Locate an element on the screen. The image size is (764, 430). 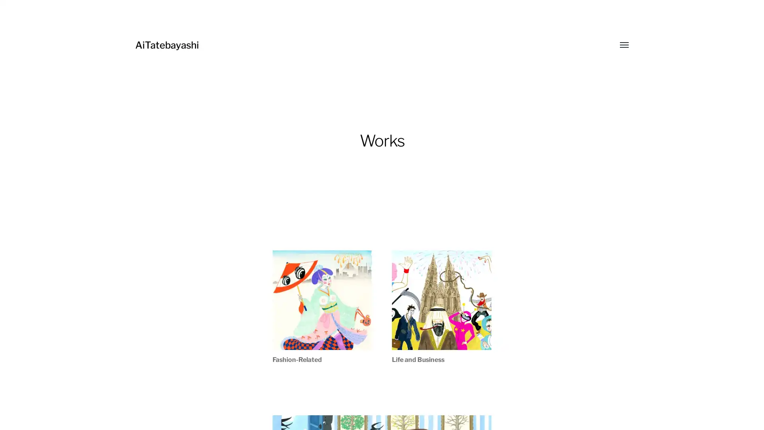
Toggle menu is located at coordinates (618, 45).